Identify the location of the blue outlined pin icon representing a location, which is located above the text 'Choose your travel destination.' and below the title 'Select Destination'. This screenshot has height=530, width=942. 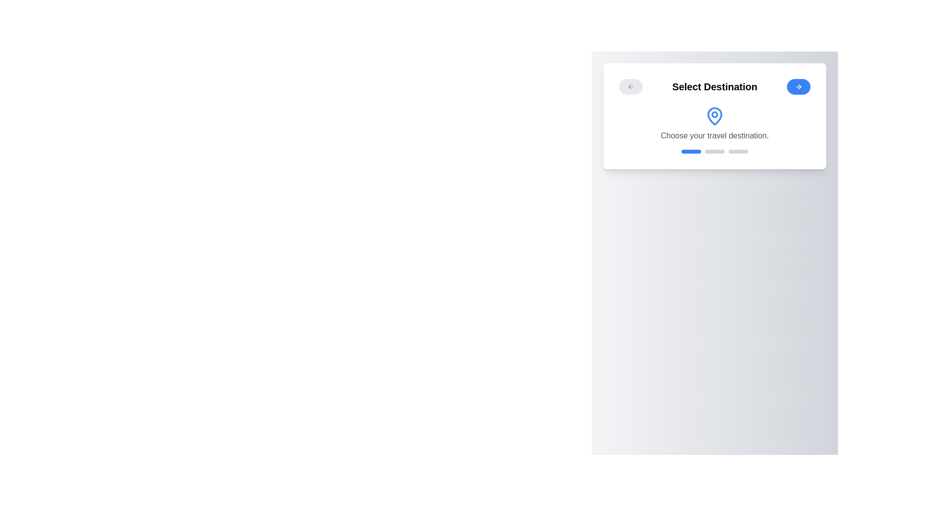
(715, 115).